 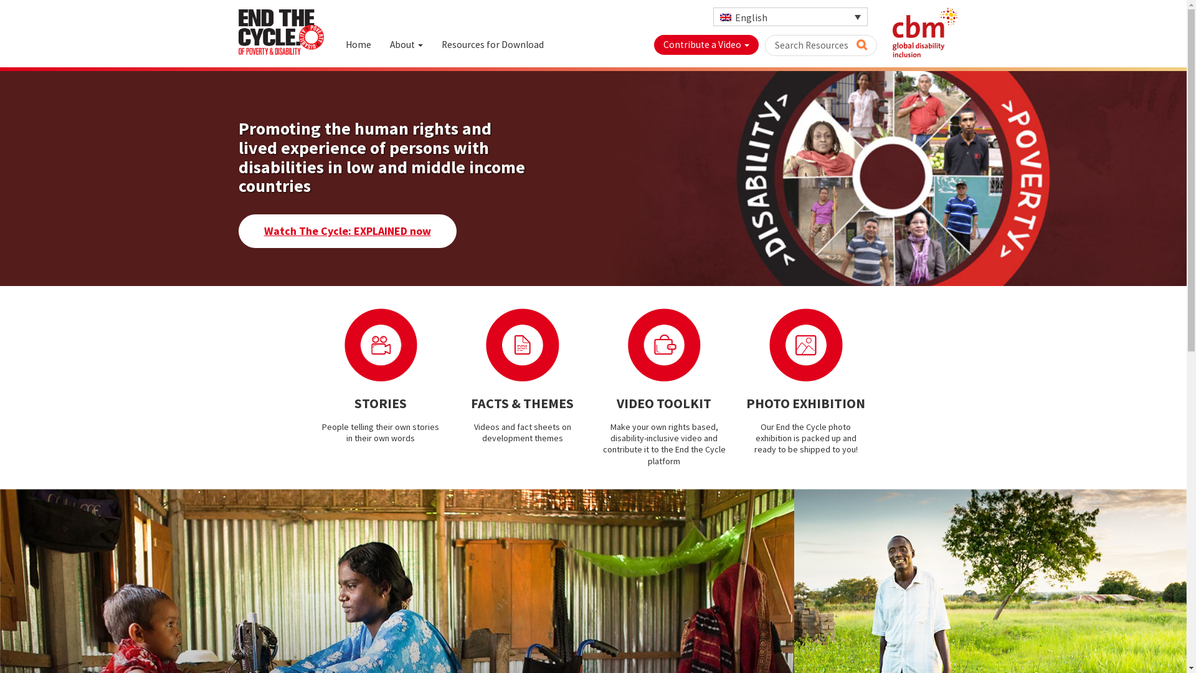 What do you see at coordinates (406, 44) in the screenshot?
I see `'About'` at bounding box center [406, 44].